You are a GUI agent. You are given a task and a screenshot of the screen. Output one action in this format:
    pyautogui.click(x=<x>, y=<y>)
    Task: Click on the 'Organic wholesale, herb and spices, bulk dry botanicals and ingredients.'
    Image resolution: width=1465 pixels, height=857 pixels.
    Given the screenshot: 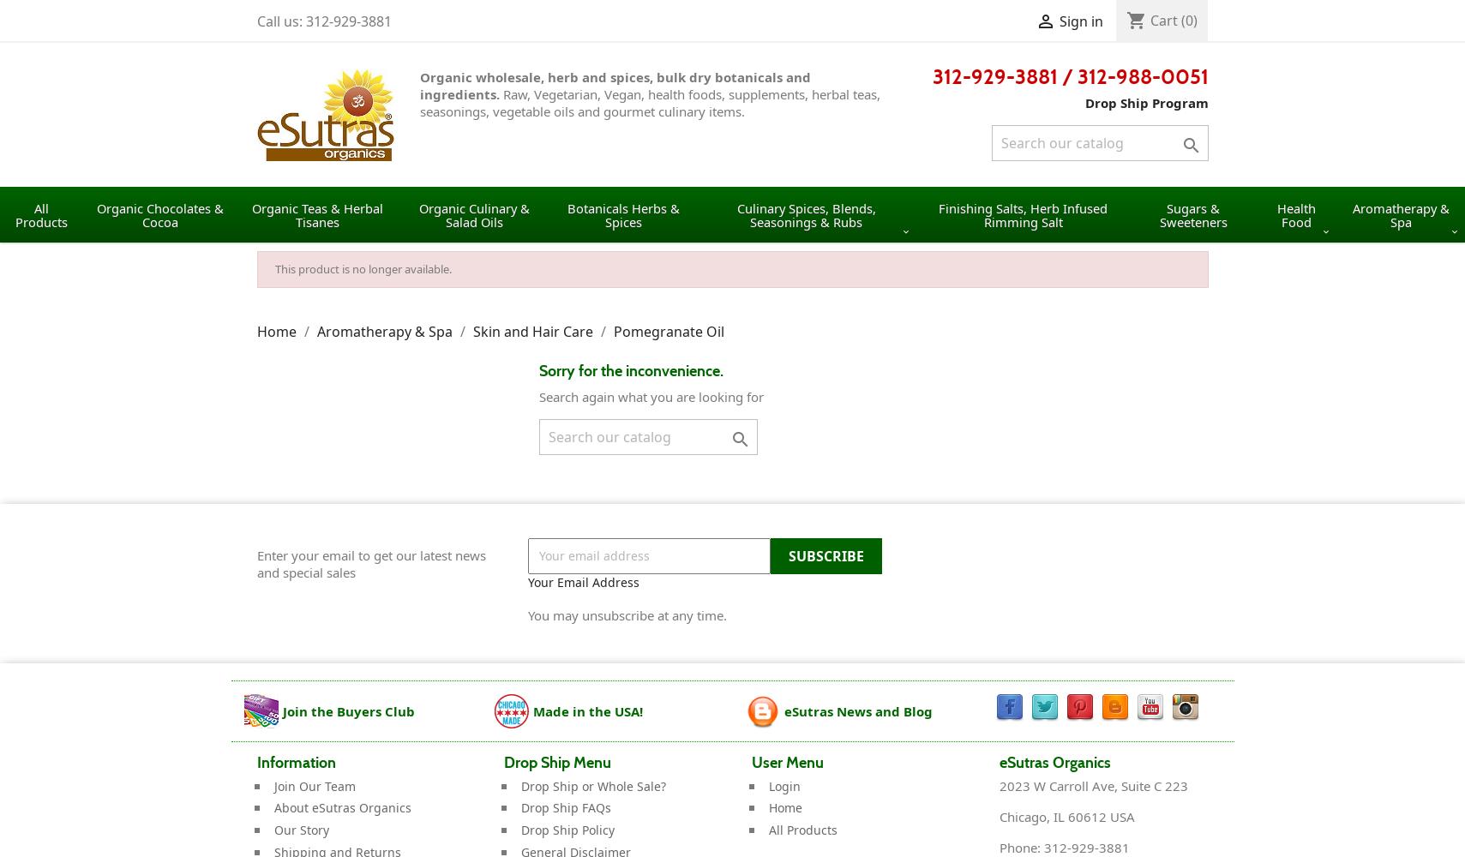 What is the action you would take?
    pyautogui.click(x=613, y=85)
    